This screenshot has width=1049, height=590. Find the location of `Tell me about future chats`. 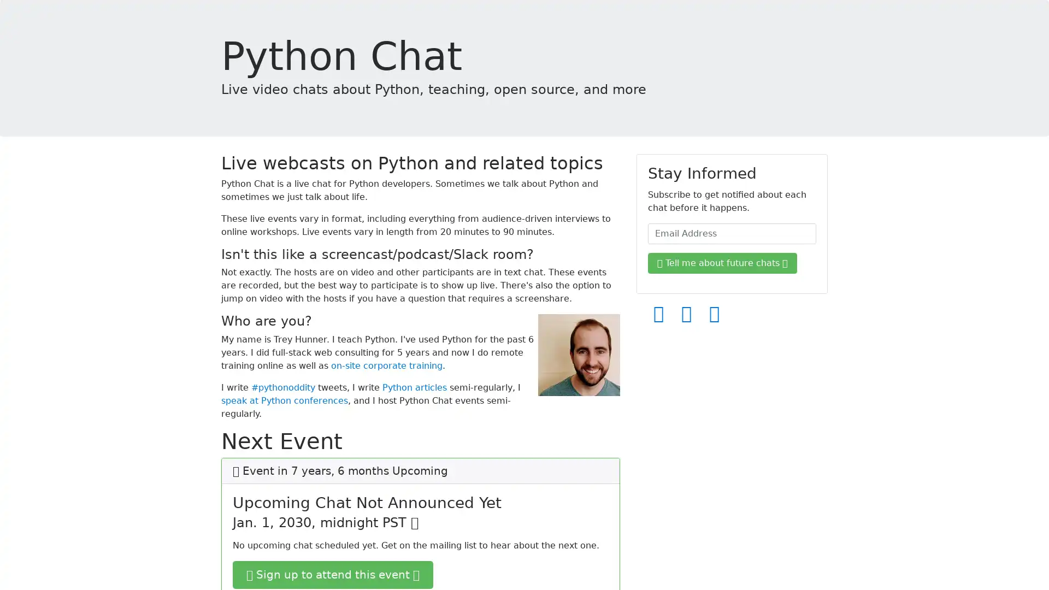

Tell me about future chats is located at coordinates (722, 263).